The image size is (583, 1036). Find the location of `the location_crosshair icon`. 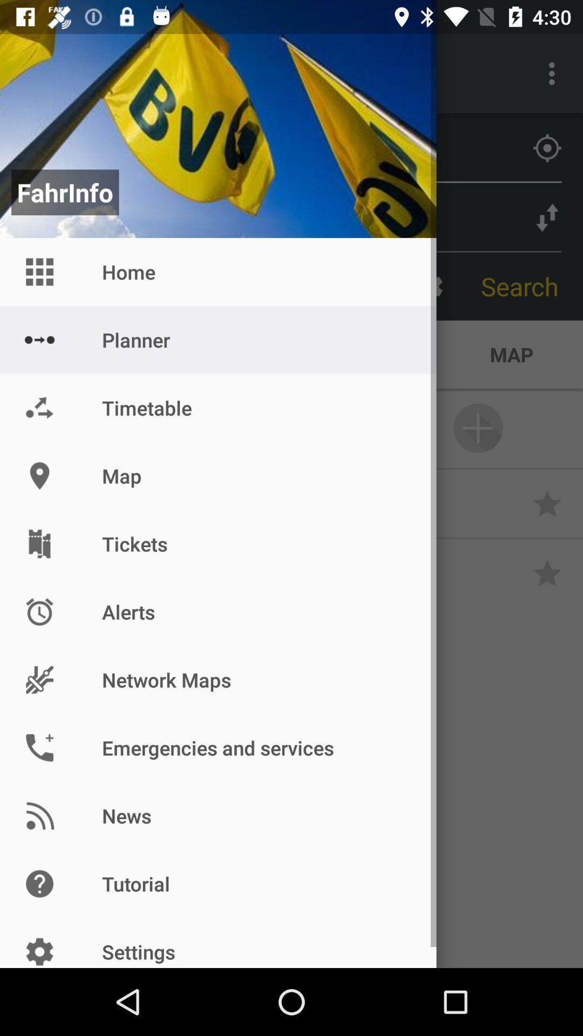

the location_crosshair icon is located at coordinates (547, 147).